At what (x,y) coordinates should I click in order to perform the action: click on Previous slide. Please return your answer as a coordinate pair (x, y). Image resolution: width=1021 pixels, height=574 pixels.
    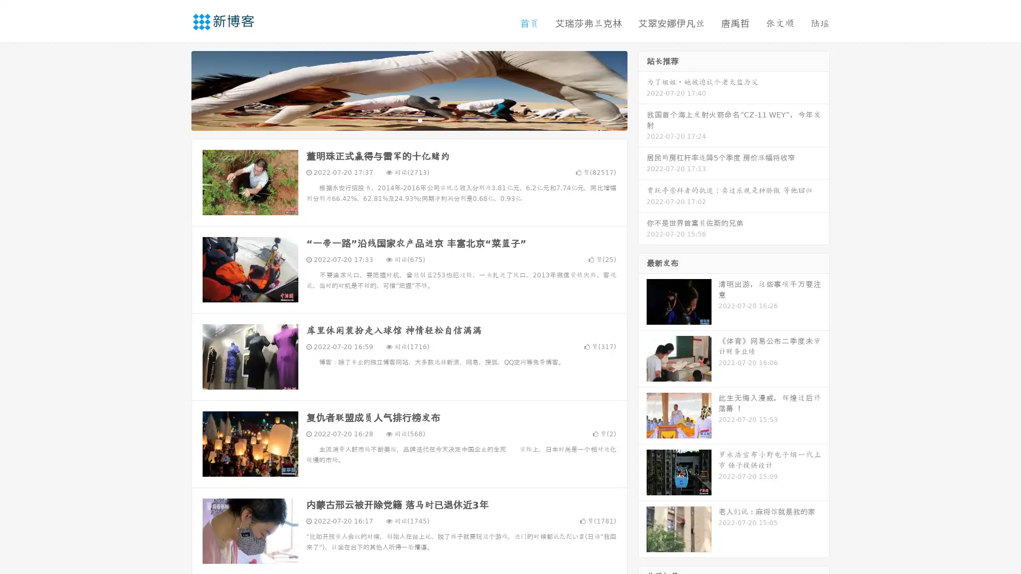
    Looking at the image, I should click on (175, 89).